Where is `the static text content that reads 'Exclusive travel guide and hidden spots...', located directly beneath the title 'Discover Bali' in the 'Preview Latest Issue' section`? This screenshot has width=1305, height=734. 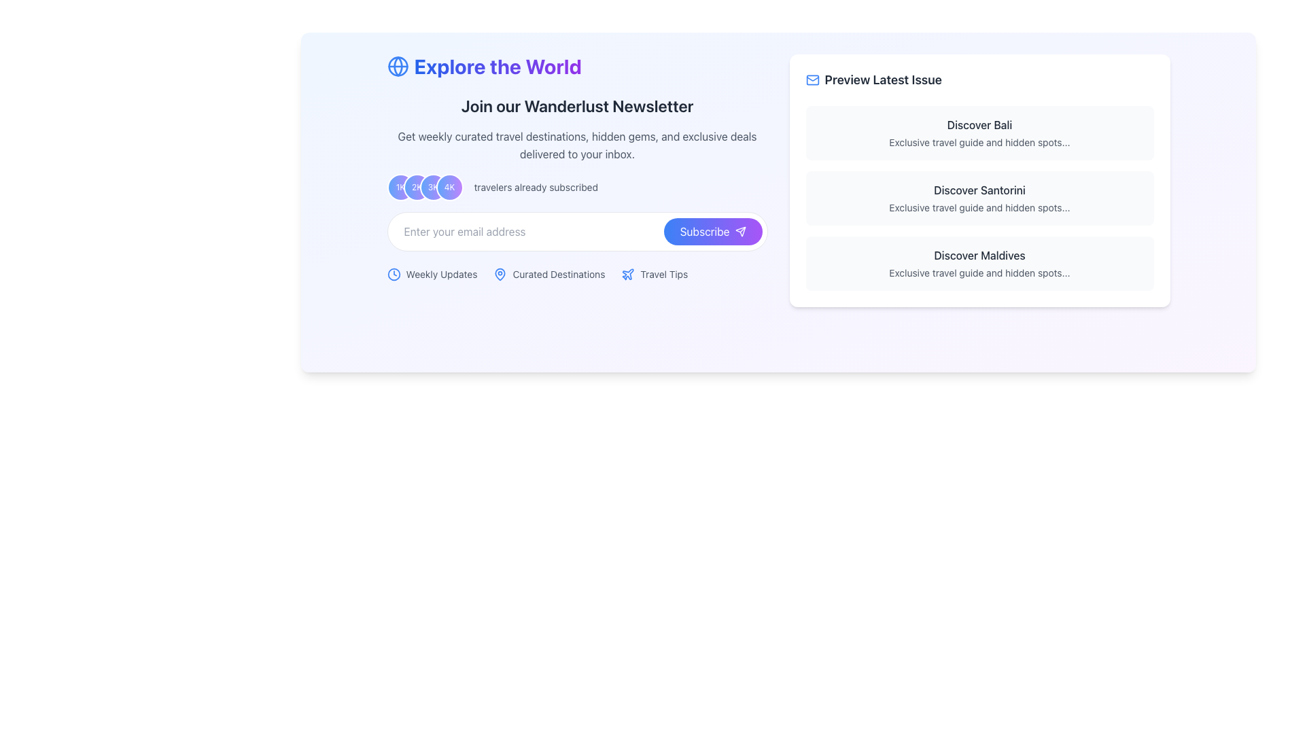
the static text content that reads 'Exclusive travel guide and hidden spots...', located directly beneath the title 'Discover Bali' in the 'Preview Latest Issue' section is located at coordinates (979, 142).